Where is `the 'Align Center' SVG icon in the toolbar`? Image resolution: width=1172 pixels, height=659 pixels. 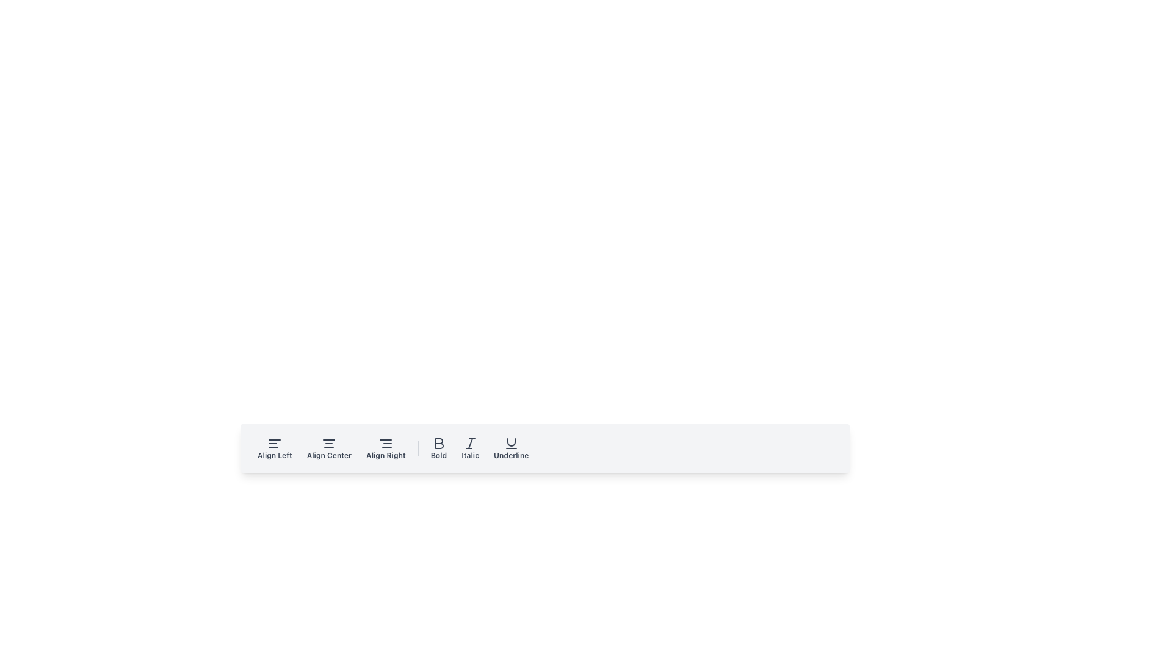
the 'Align Center' SVG icon in the toolbar is located at coordinates (329, 443).